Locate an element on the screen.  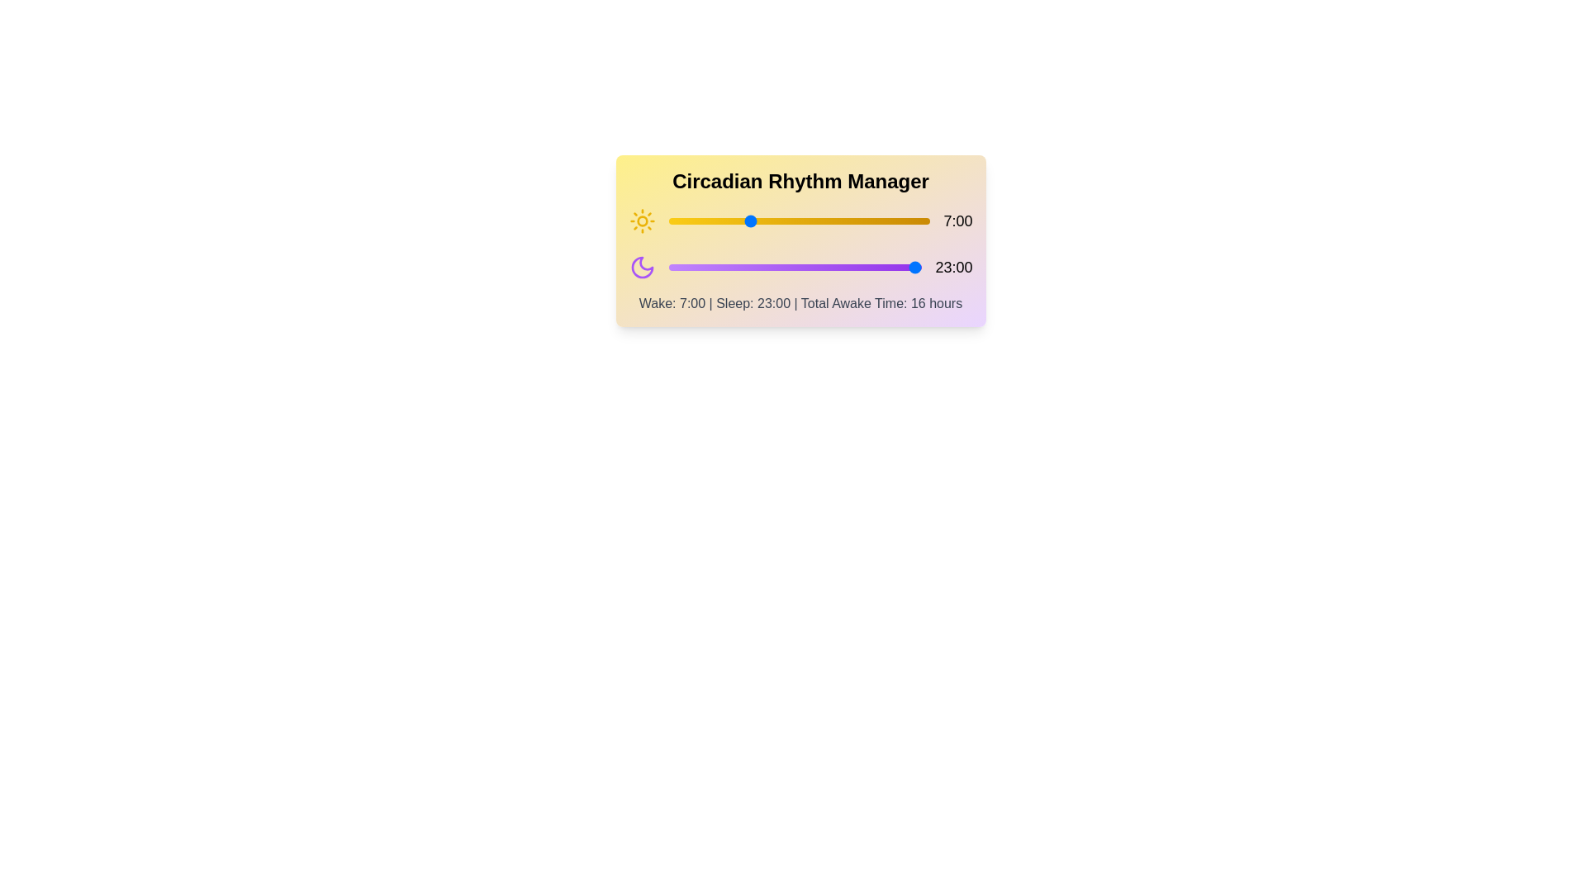
the sleep hour slider to 15 is located at coordinates (833, 267).